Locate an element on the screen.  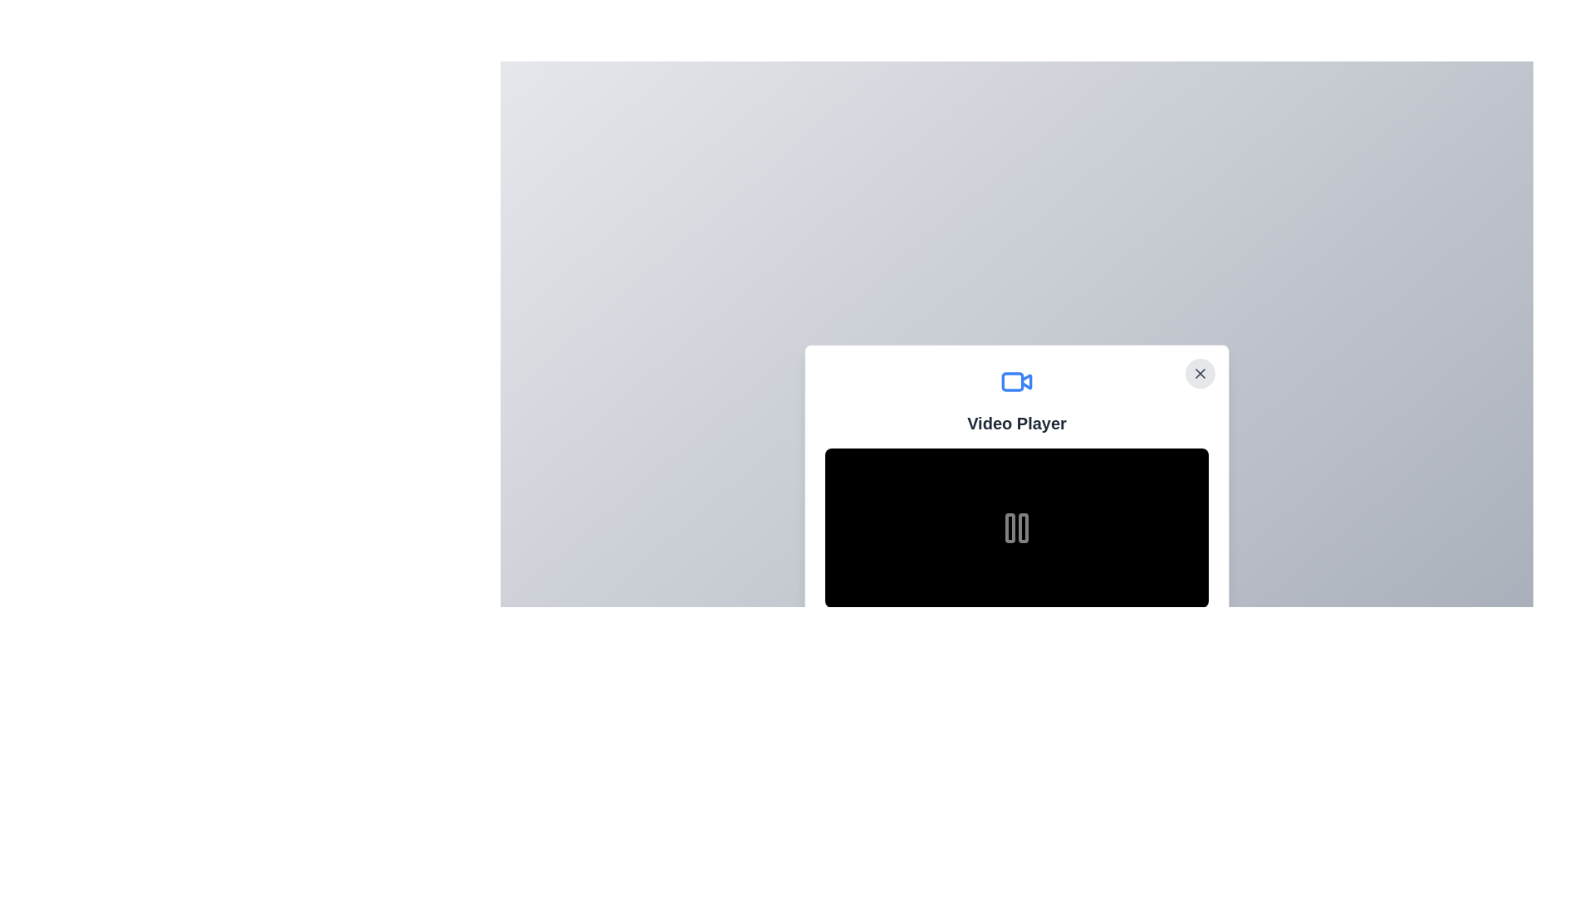
the left bar of the pause button icon in the video player interface, which is part of the control area located slightly to the left of the center is located at coordinates (1010, 528).